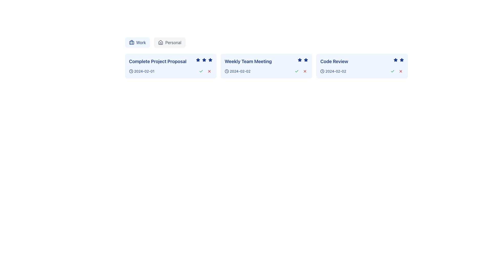 Image resolution: width=492 pixels, height=277 pixels. Describe the element at coordinates (395, 59) in the screenshot. I see `the dark blue star-shaped icon button located in the top-right corner of the rightmost card, next to the title 'Code Review', to mark the item as favorite` at that location.